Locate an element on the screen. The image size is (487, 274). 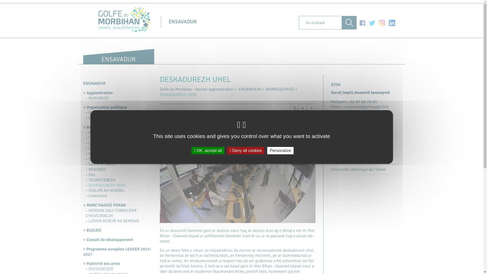
'DIORREN AN EKONOMIEZH' is located at coordinates (111, 143).